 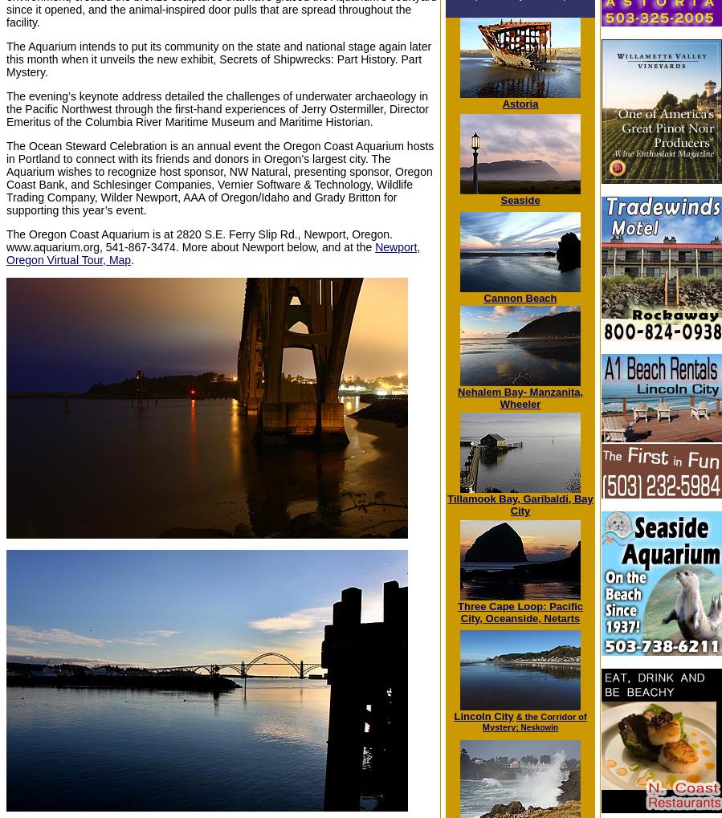 What do you see at coordinates (218, 59) in the screenshot?
I see `'The Aquarium intends to put its community on the state and national stage again later this month when it unveils the new exhibit, Secrets of Shipwrecks: Part History. Part Mystery.'` at bounding box center [218, 59].